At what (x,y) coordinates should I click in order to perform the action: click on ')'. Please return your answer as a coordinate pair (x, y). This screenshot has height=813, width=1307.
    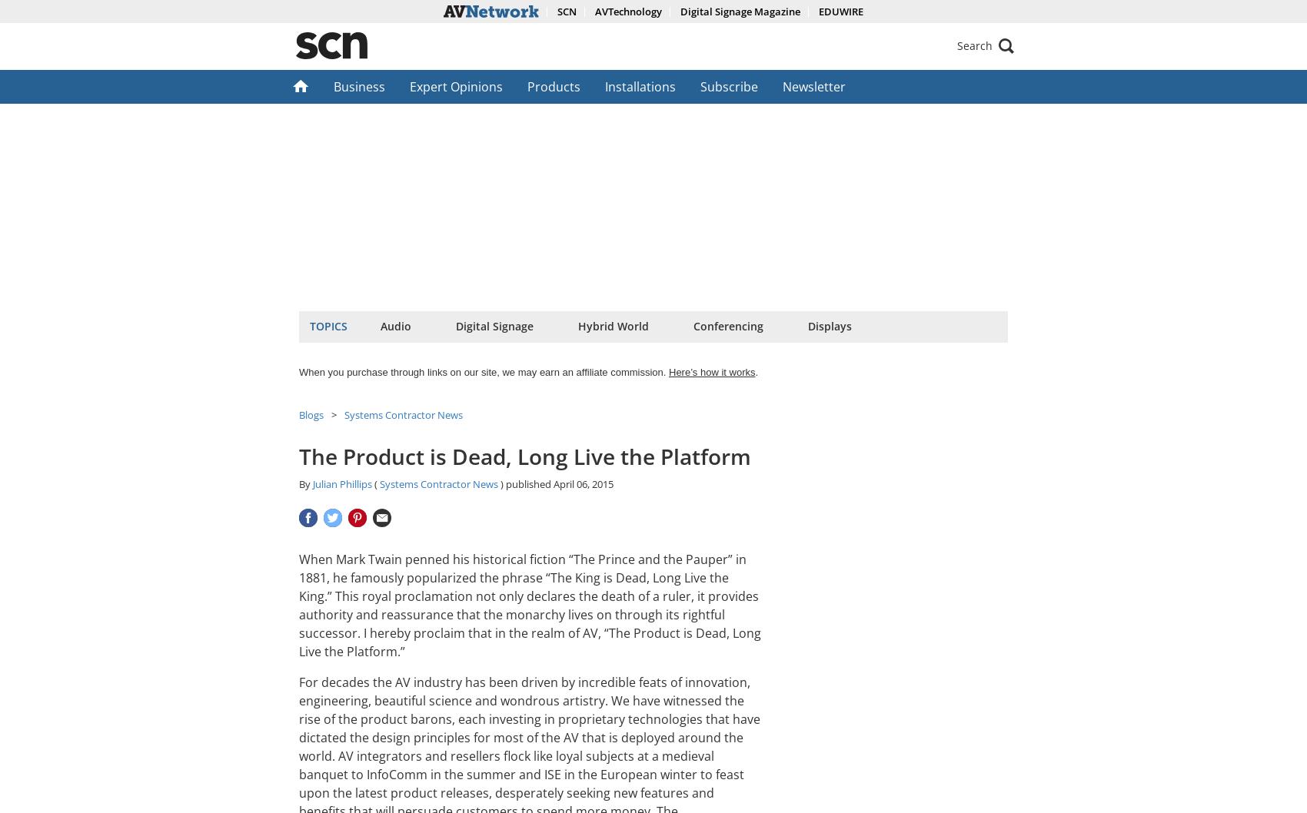
    Looking at the image, I should click on (498, 483).